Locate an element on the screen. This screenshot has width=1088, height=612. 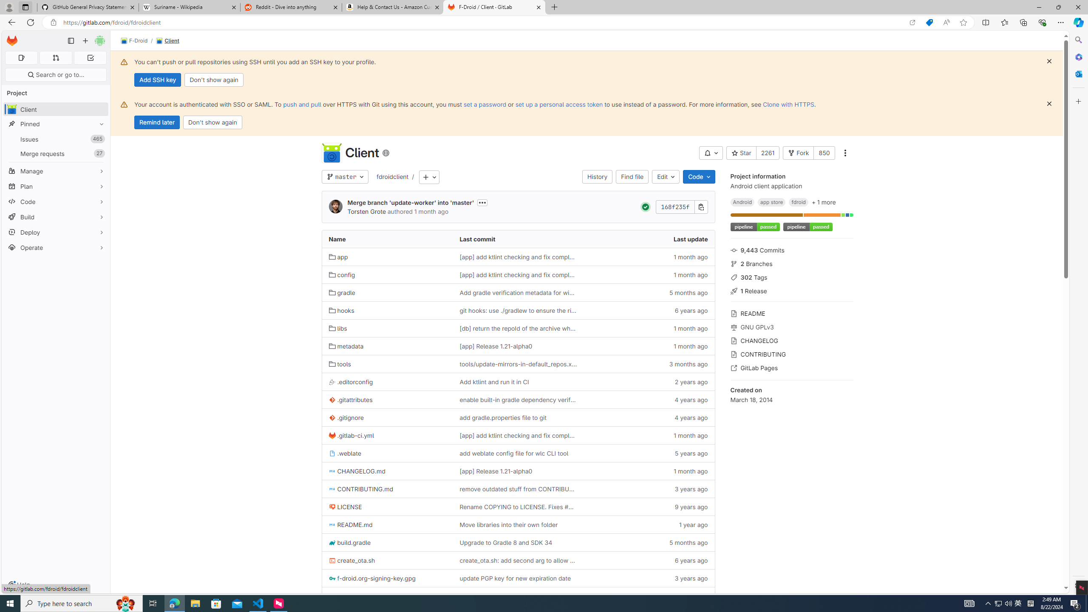
'Add ktlint and run it in CI' is located at coordinates (518, 381).